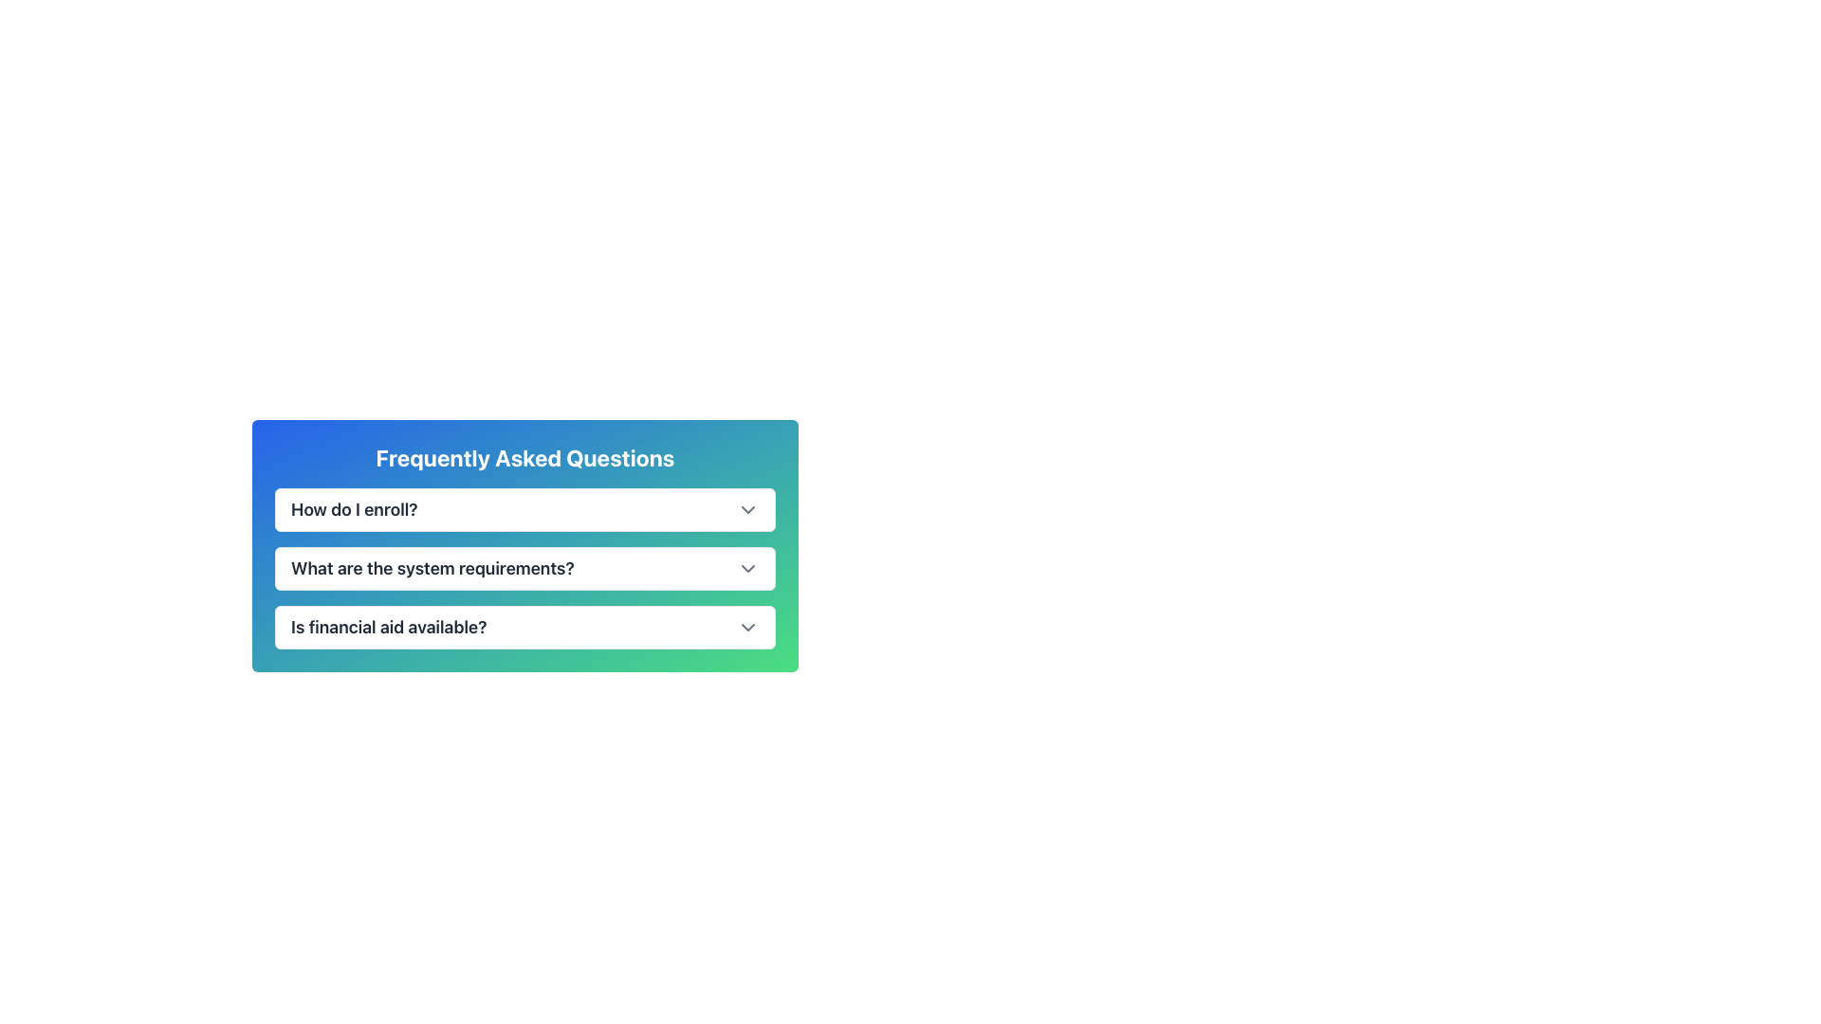  Describe the element at coordinates (524, 628) in the screenshot. I see `the Dropdown Toggle labeled 'Is financial aid available?'` at that location.